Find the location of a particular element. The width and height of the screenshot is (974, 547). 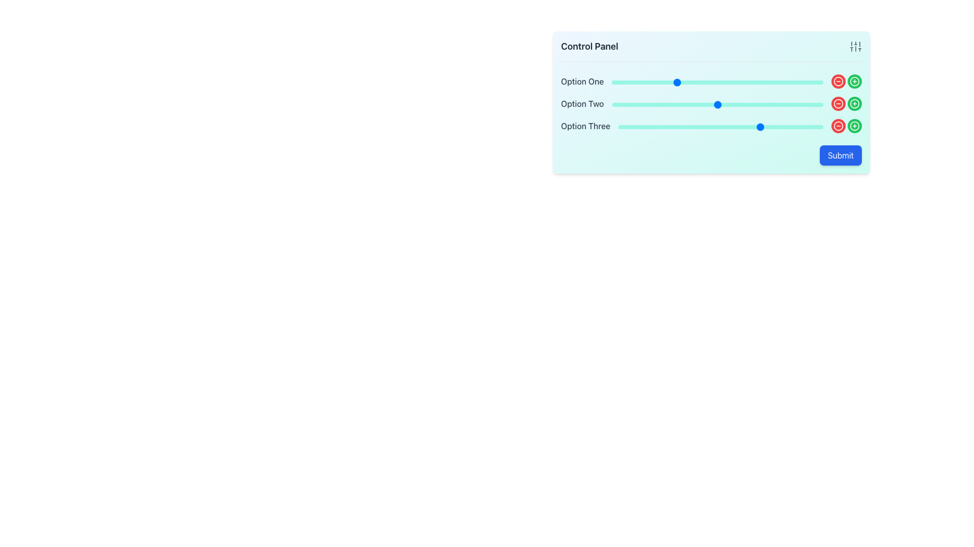

the rectangular 'Submit' button with a blue background and white text located at the bottom-right corner of the light blue control panel is located at coordinates (840, 155).